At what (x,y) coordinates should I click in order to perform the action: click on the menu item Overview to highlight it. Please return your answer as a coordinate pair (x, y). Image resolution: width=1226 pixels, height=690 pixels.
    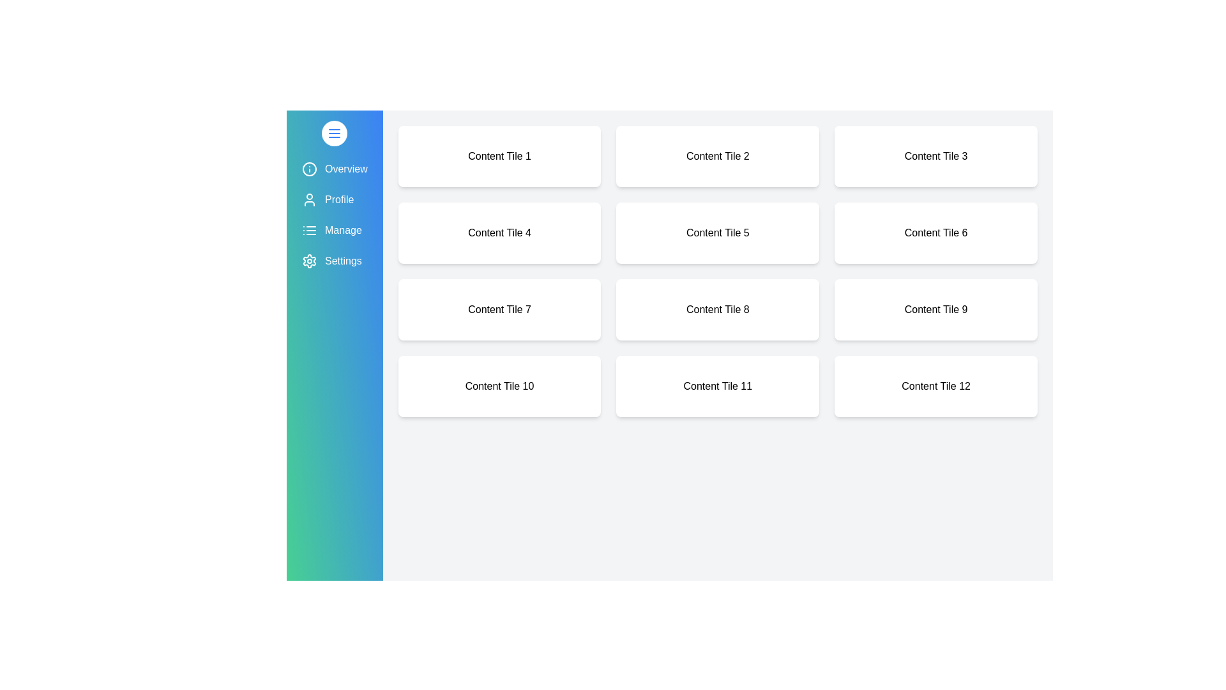
    Looking at the image, I should click on (334, 169).